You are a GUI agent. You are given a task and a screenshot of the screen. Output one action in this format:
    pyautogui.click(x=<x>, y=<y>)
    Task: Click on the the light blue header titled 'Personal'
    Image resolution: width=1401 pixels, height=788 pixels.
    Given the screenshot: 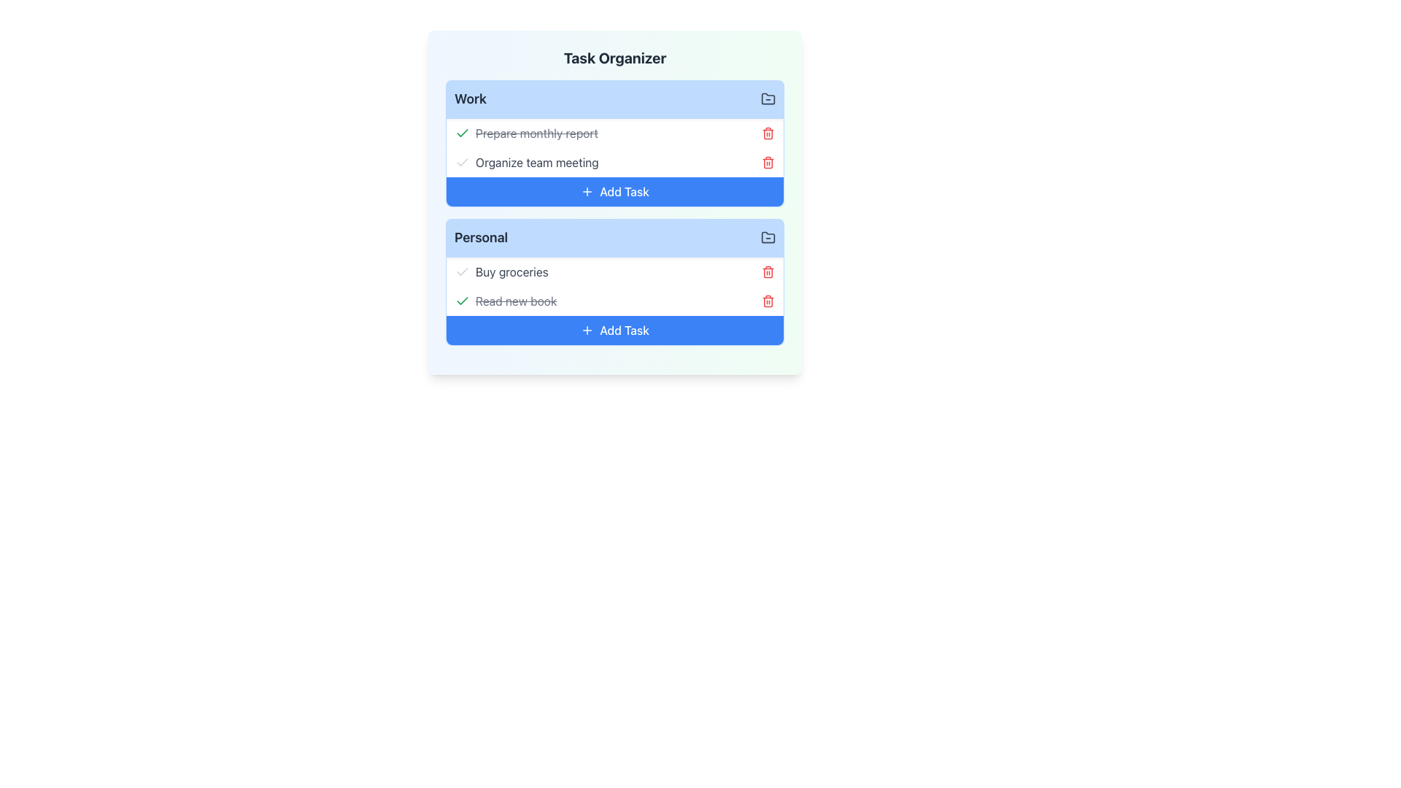 What is the action you would take?
    pyautogui.click(x=615, y=237)
    